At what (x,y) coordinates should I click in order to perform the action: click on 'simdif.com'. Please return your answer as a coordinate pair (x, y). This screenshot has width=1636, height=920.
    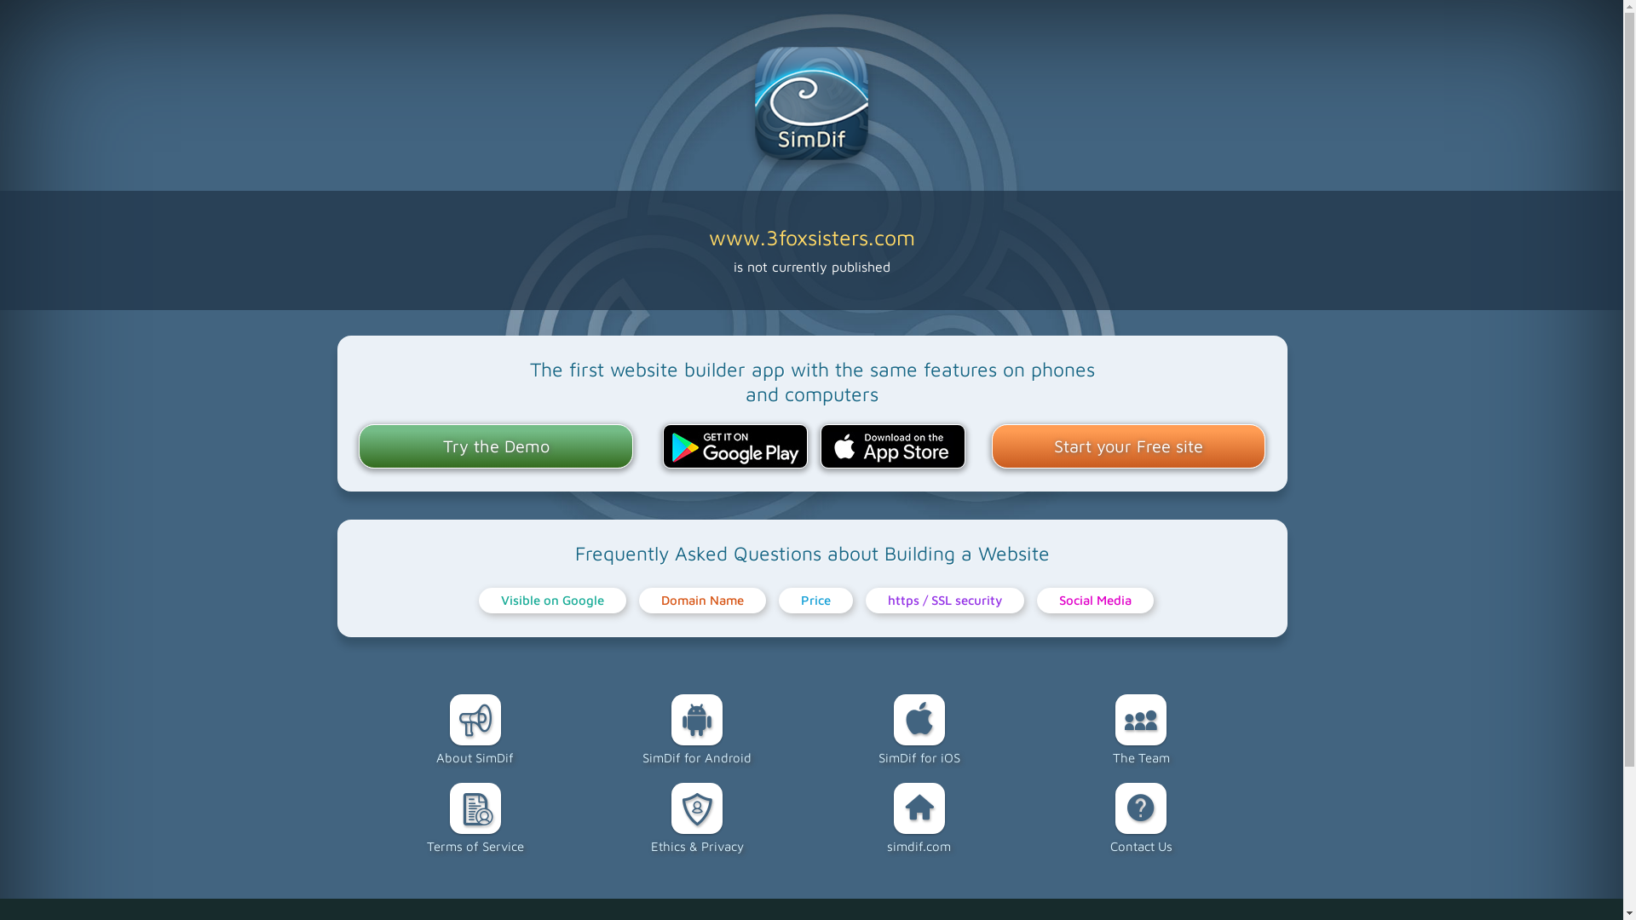
    Looking at the image, I should click on (918, 817).